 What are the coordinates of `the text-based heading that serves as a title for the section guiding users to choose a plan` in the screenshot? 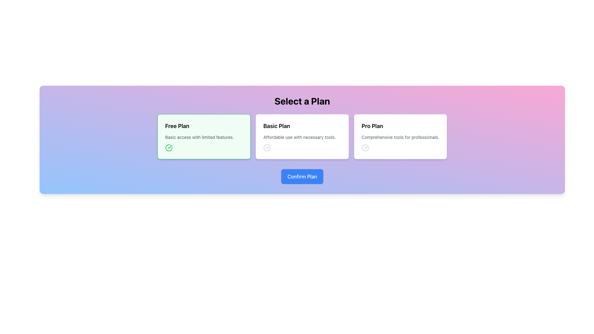 It's located at (302, 101).